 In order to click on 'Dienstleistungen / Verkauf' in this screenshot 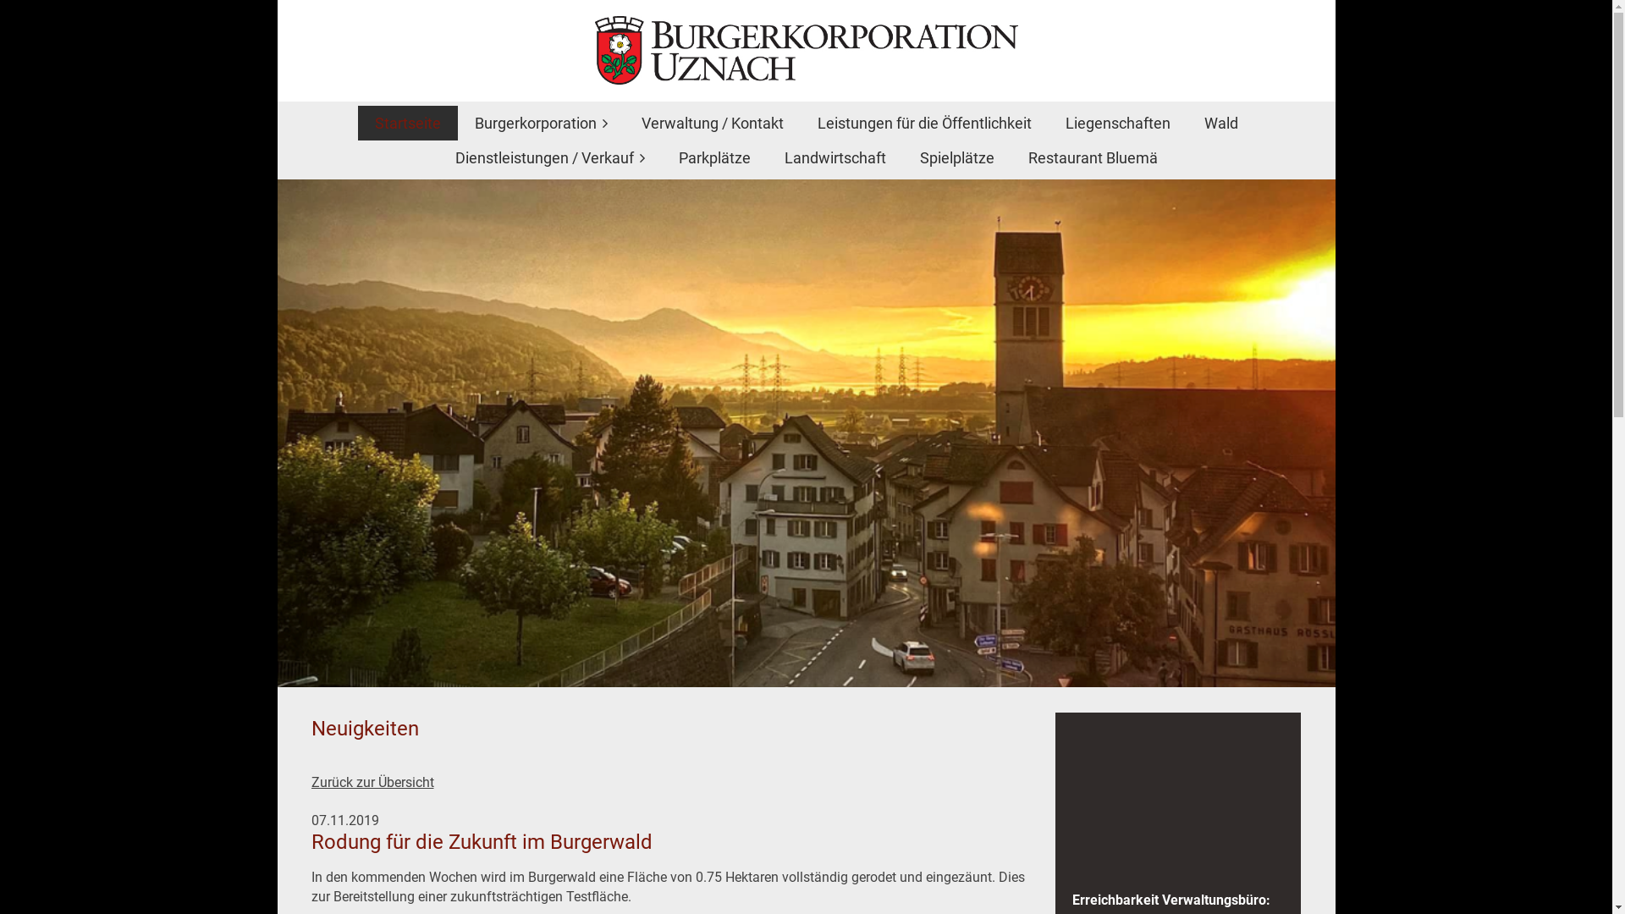, I will do `click(549, 157)`.